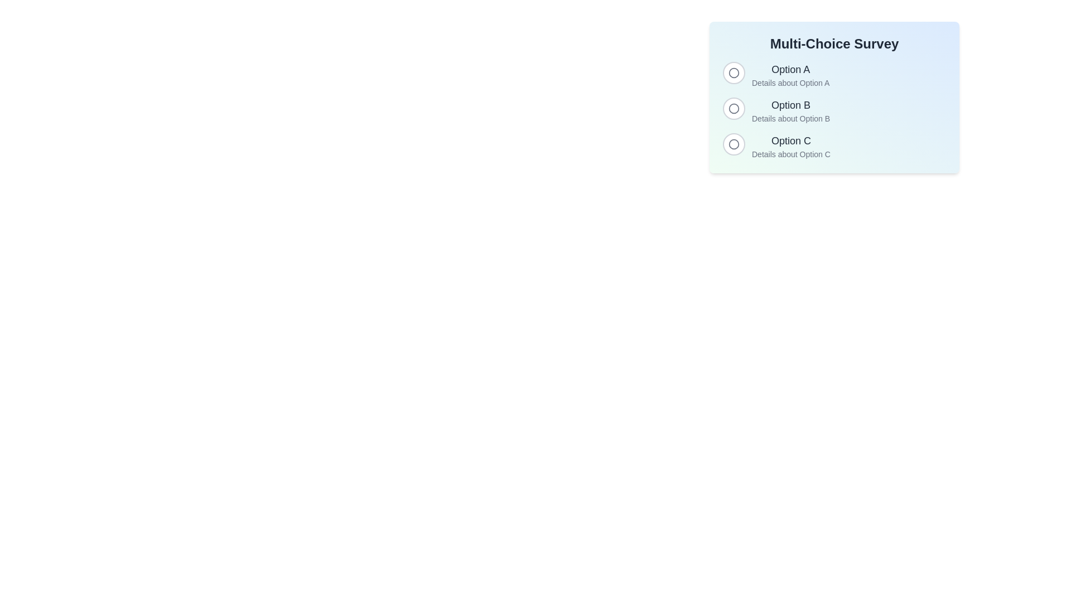  Describe the element at coordinates (834, 75) in the screenshot. I see `the radio button labeled 'Option A' at the top of the vertical stack in the Multi-Choice Survey panel` at that location.